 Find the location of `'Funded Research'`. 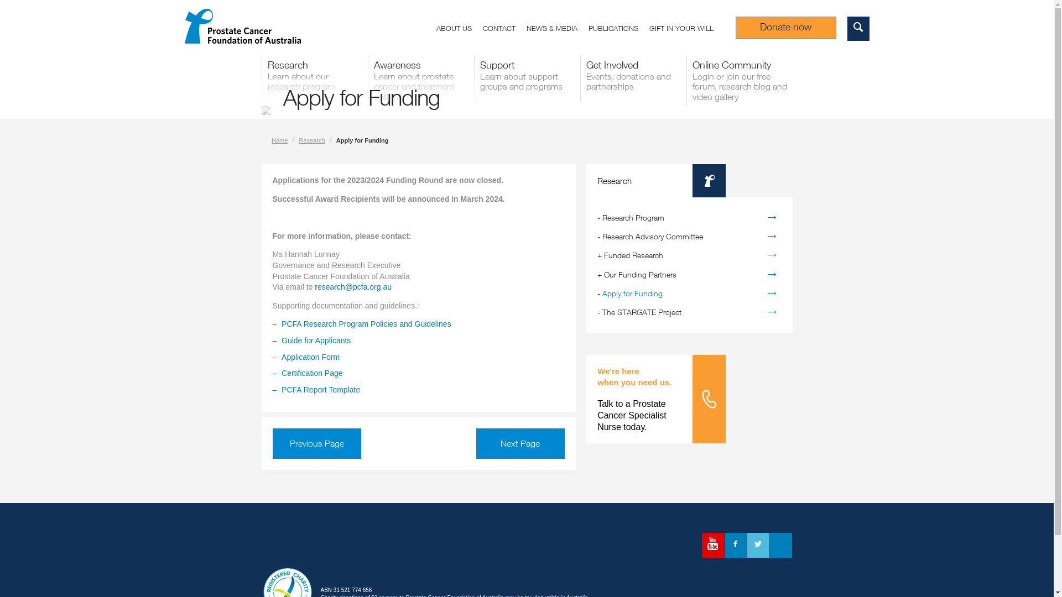

'Funded Research' is located at coordinates (633, 255).